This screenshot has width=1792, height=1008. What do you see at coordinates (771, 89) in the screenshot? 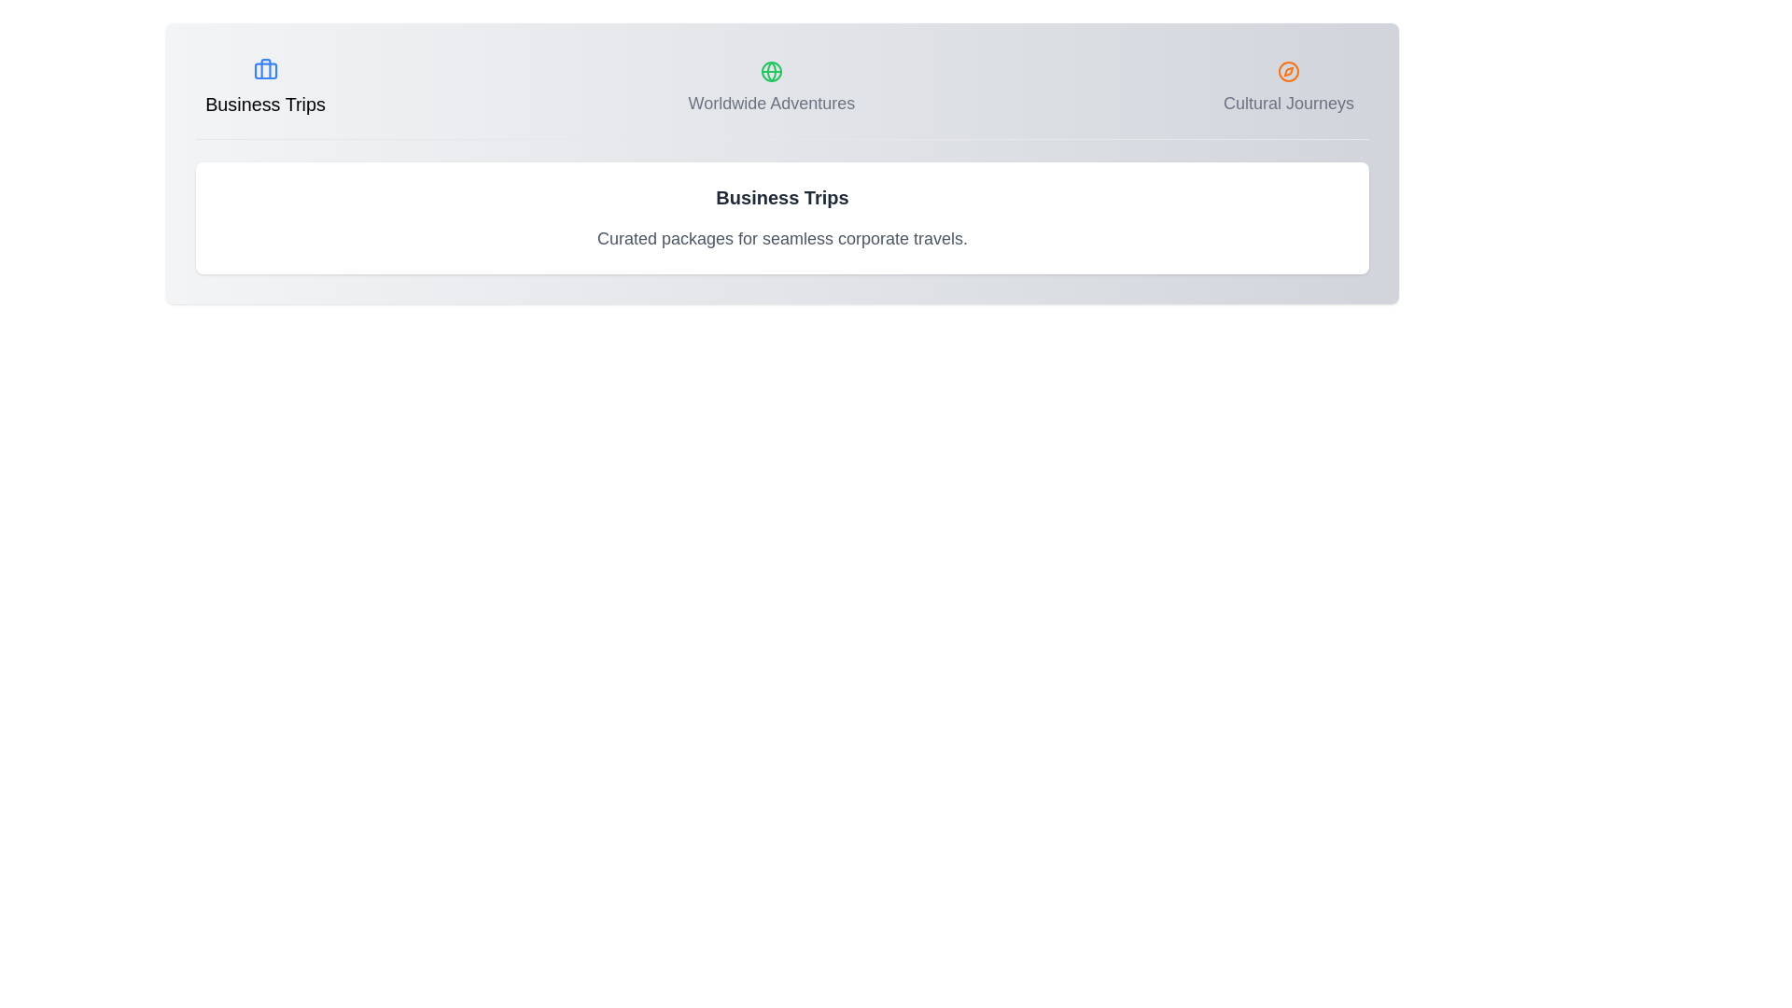
I see `the tab labeled 'Worldwide Adventures' to observe visual feedback` at bounding box center [771, 89].